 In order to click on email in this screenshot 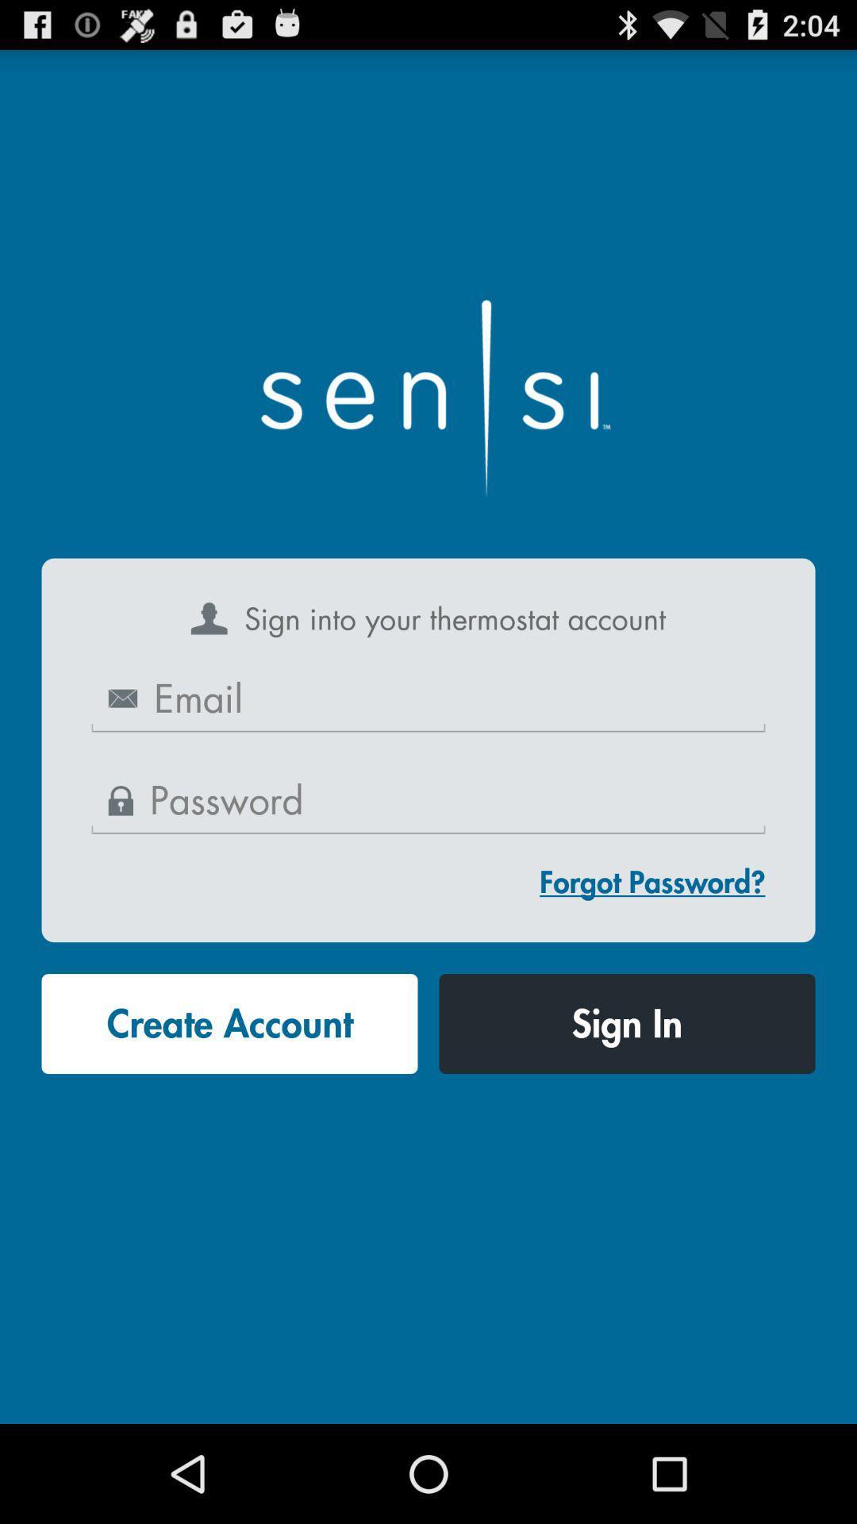, I will do `click(428, 699)`.